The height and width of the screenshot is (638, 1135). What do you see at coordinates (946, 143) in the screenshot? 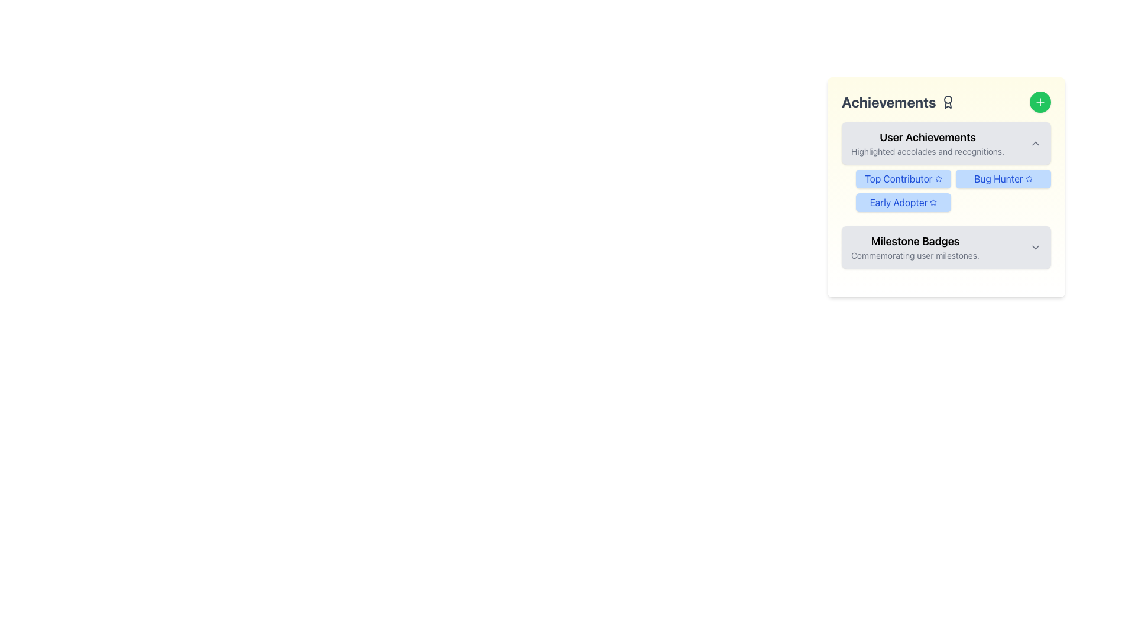
I see `the collapsible header section` at bounding box center [946, 143].